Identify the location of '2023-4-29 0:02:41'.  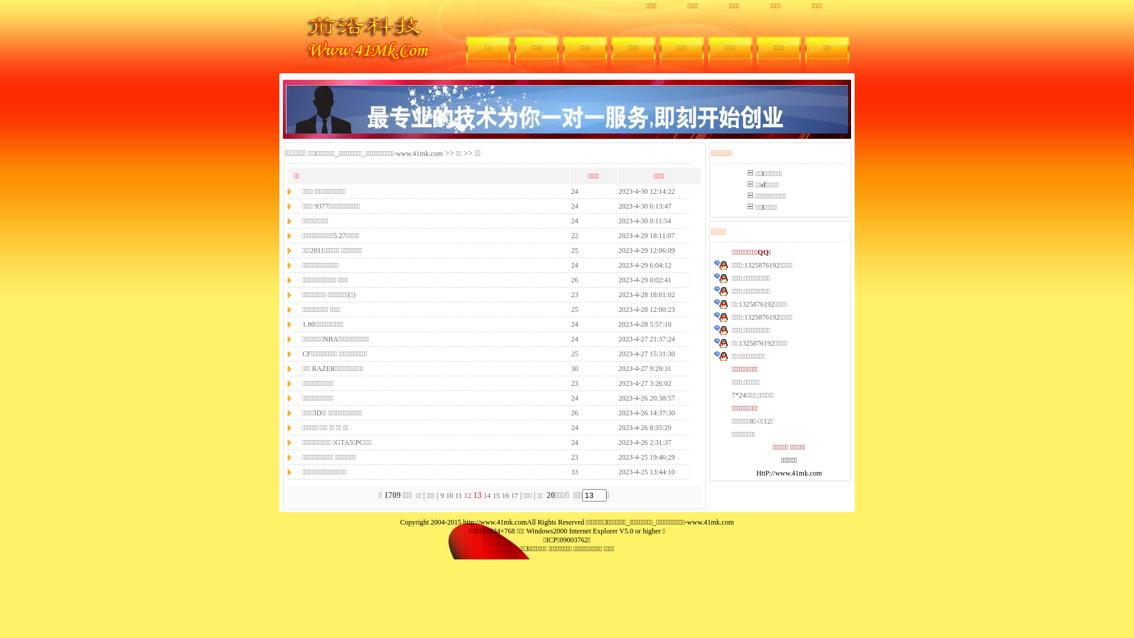
(617, 279).